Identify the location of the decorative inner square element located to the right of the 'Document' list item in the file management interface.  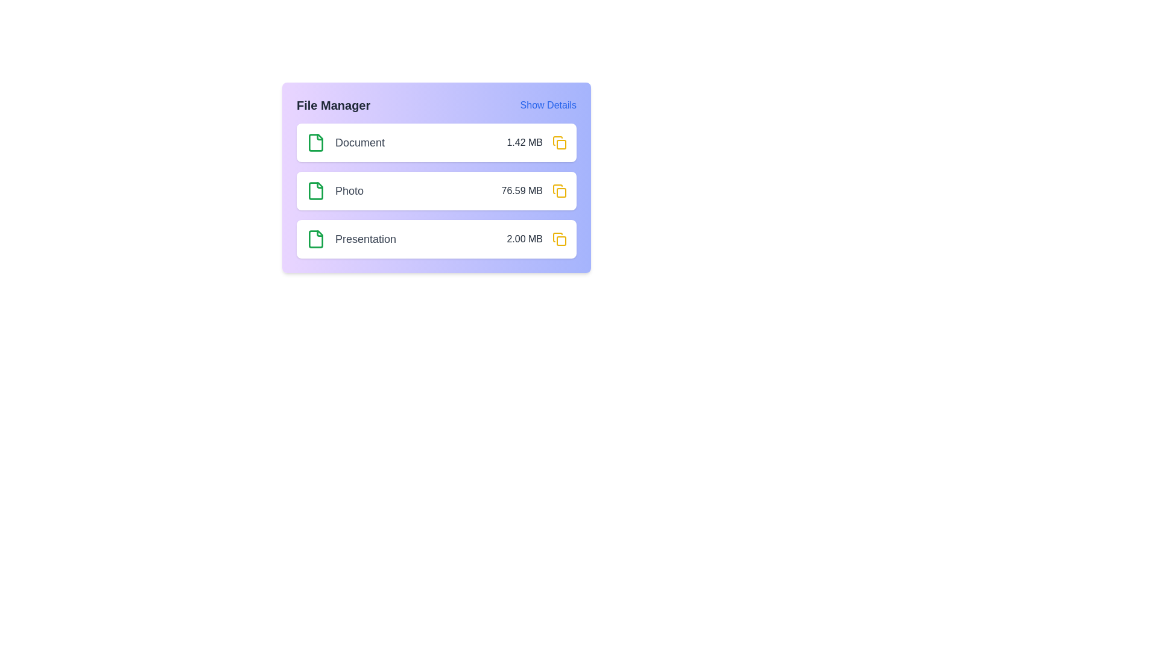
(561, 143).